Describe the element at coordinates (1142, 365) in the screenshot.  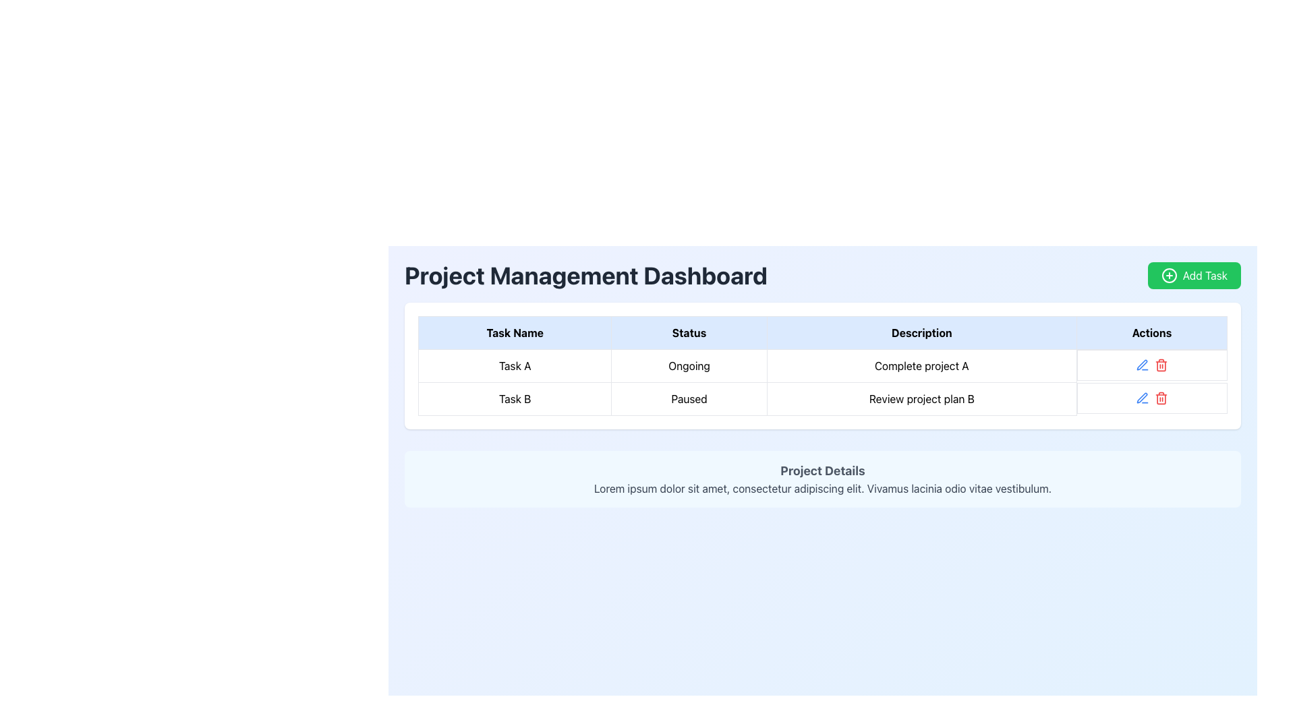
I see `the first action button in the 'Actions' column of the second row in the table` at that location.